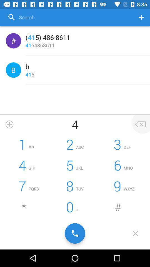 Image resolution: width=150 pixels, height=267 pixels. Describe the element at coordinates (75, 233) in the screenshot. I see `initiate call` at that location.